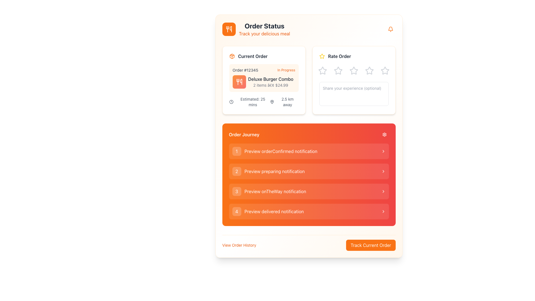 This screenshot has height=301, width=535. What do you see at coordinates (229, 29) in the screenshot?
I see `the Icon button located to the left of the 'Order Status' text block, which visually represents food or orders` at bounding box center [229, 29].